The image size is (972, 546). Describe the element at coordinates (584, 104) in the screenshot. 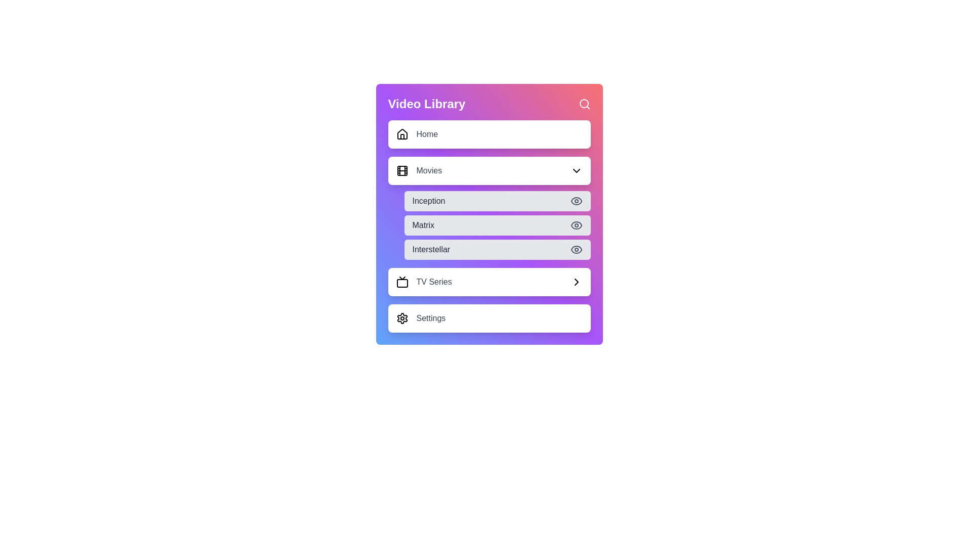

I see `the search button icon located at the top-right corner of the video library interface to trigger the hover effect` at that location.